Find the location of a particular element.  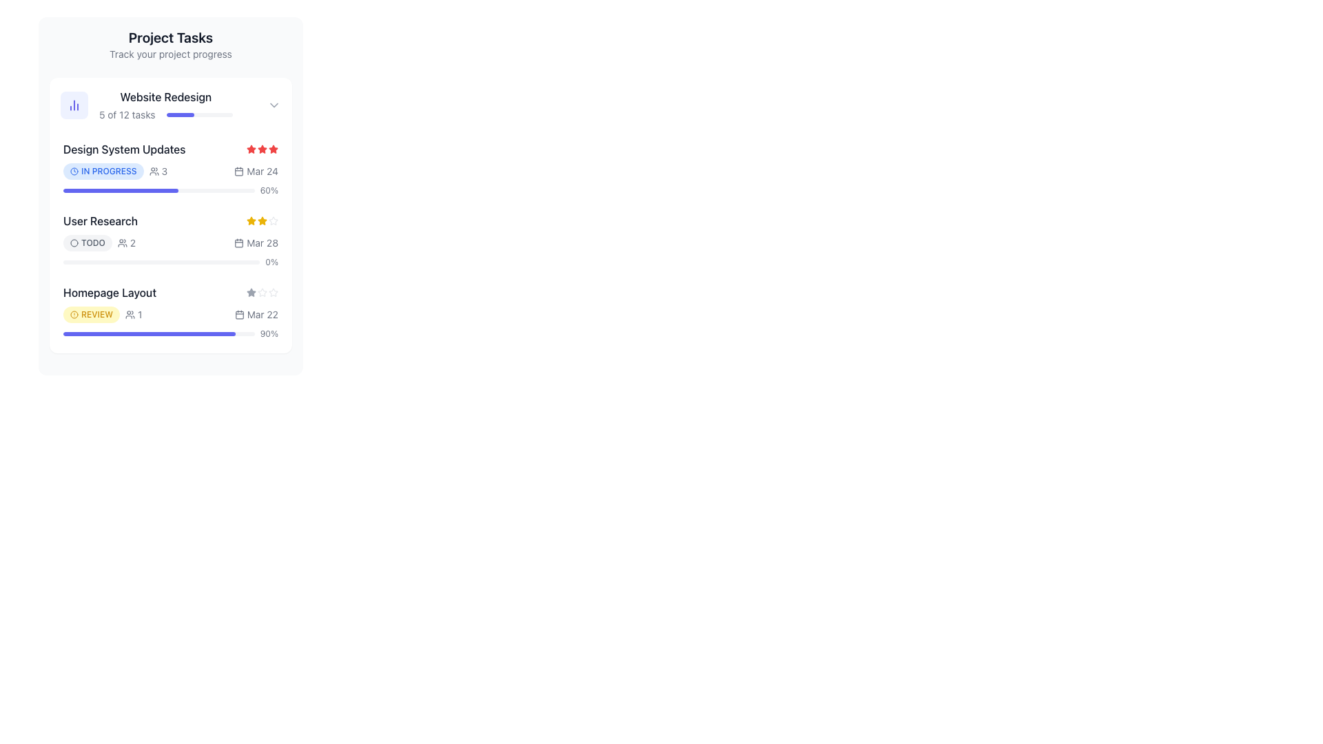

the 'TODO' status label, which is styled with a rounded gray background and accompanied by a user icon indicating two users, located in the 'User Research' section of the 'Project Tasks' list is located at coordinates (99, 242).